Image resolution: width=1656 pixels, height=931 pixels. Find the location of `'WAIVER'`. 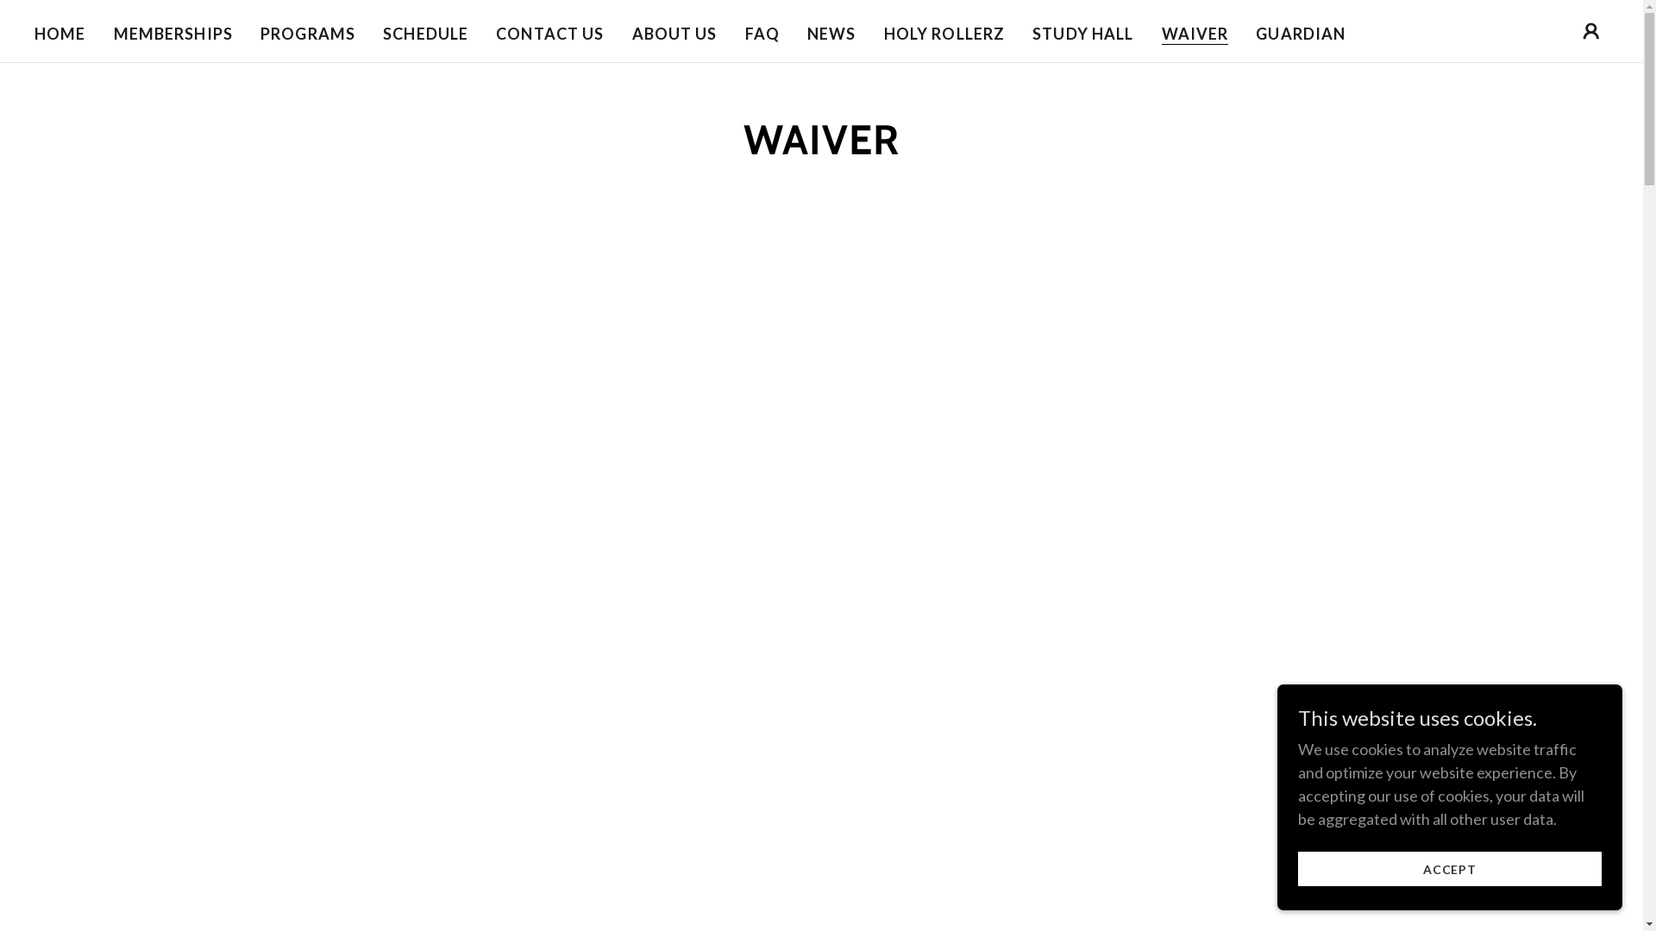

'WAIVER' is located at coordinates (1162, 33).